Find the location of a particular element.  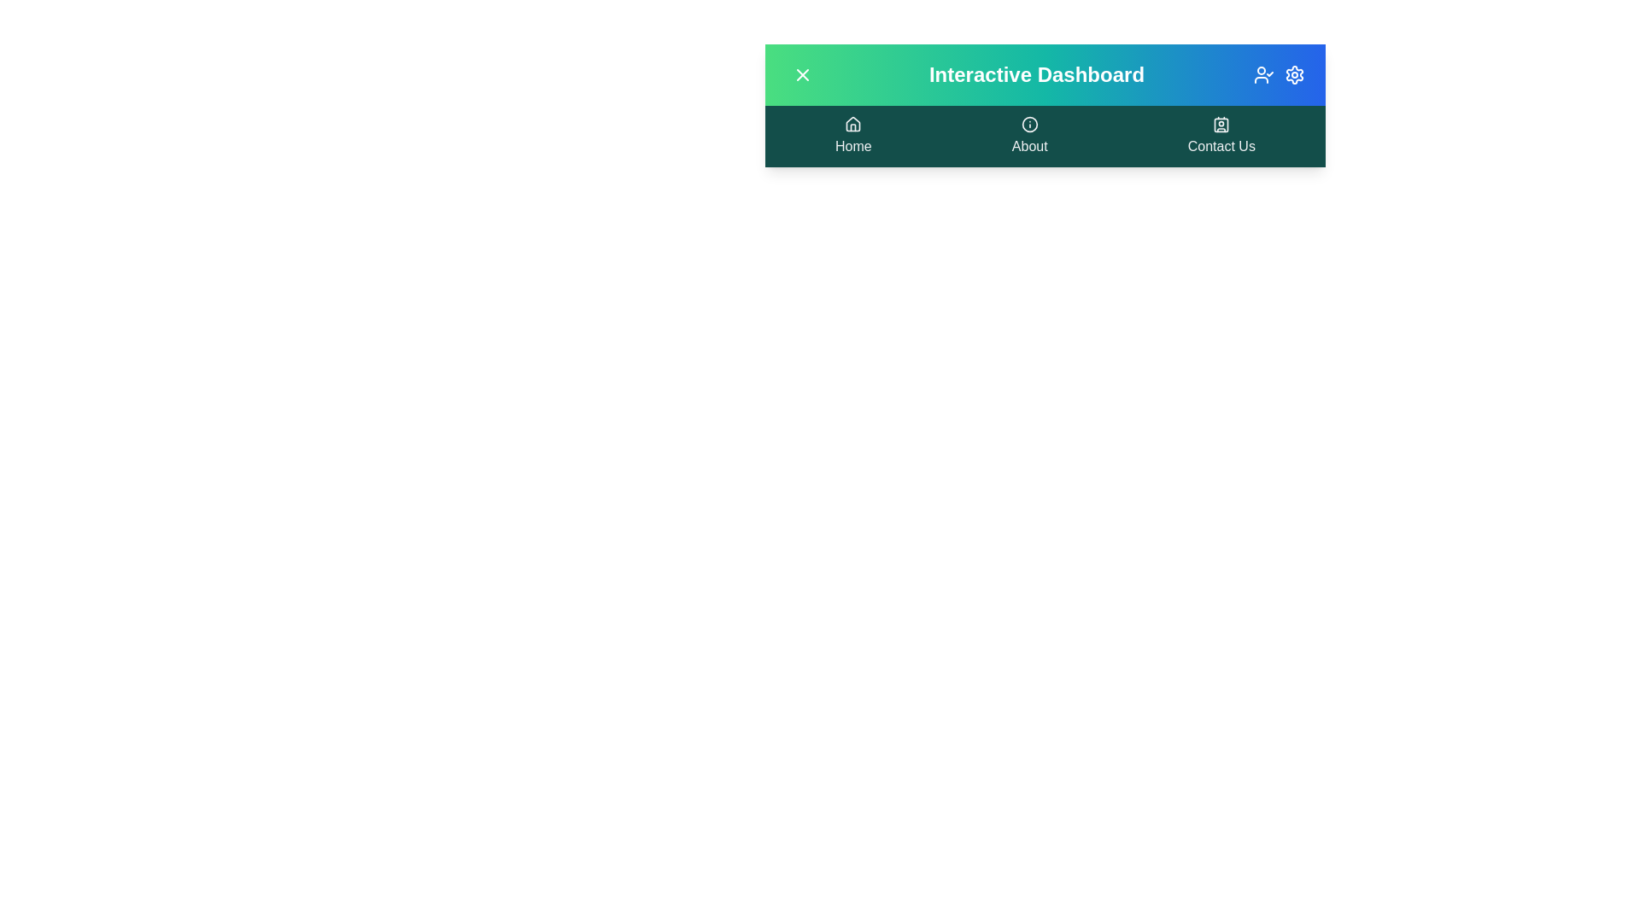

the 'About' menu item in the navigation bar is located at coordinates (1028, 135).